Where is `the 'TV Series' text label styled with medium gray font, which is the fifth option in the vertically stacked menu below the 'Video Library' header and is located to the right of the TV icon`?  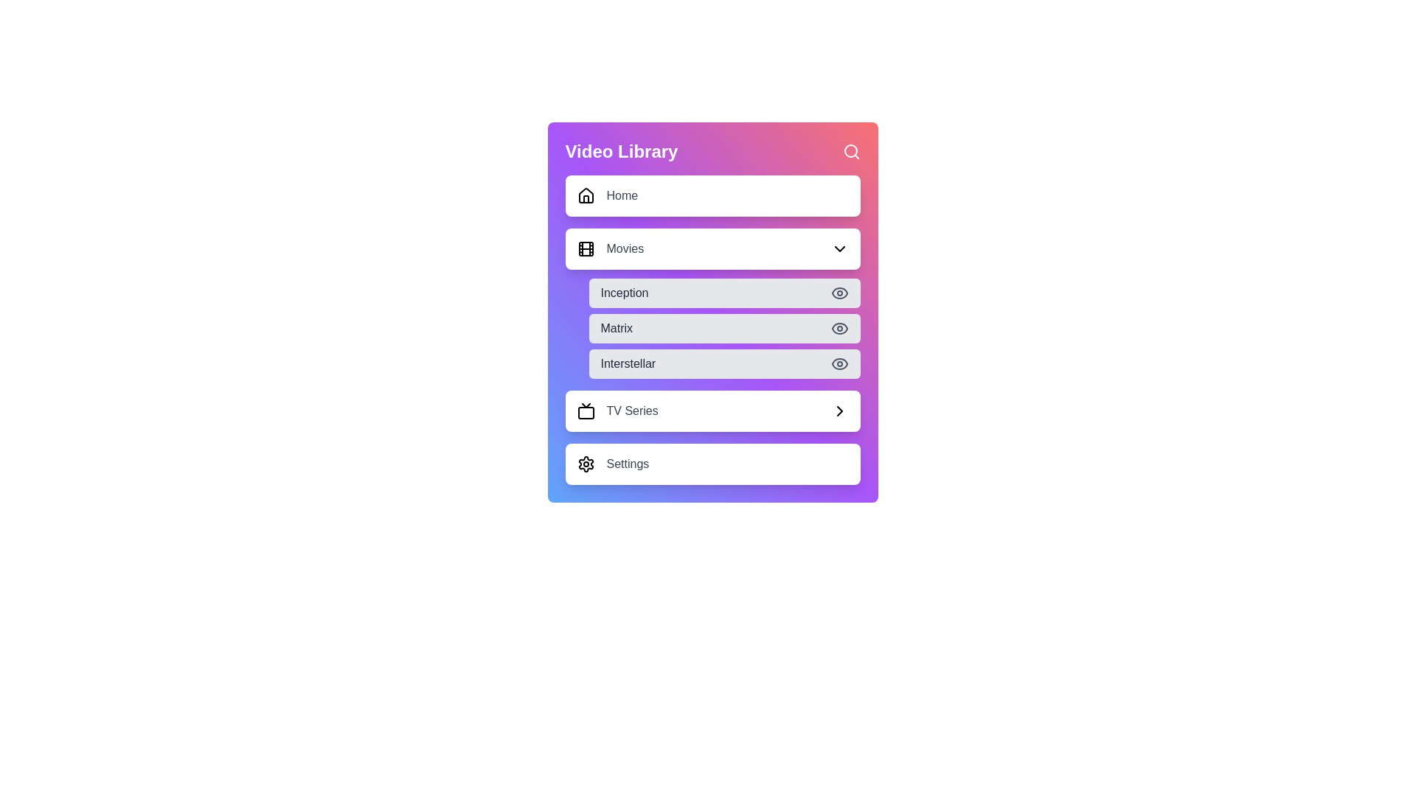 the 'TV Series' text label styled with medium gray font, which is the fifth option in the vertically stacked menu below the 'Video Library' header and is located to the right of the TV icon is located at coordinates (632, 411).